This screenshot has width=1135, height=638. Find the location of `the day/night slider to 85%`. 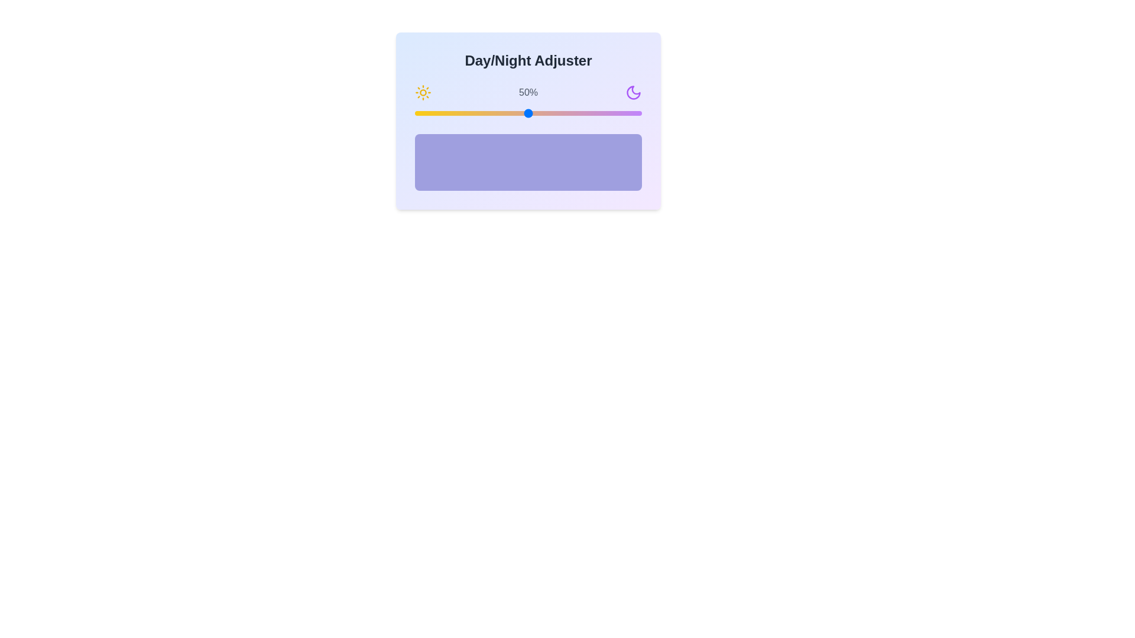

the day/night slider to 85% is located at coordinates (608, 113).